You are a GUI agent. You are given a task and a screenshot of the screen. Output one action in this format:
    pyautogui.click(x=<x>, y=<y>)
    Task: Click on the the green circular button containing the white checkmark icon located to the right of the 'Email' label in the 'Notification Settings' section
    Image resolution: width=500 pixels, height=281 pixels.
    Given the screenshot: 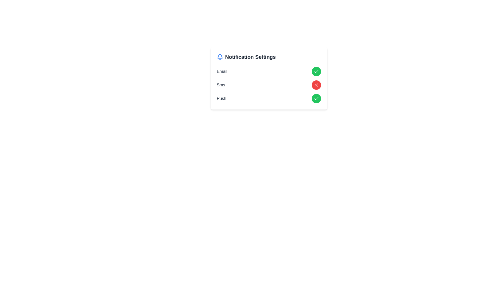 What is the action you would take?
    pyautogui.click(x=316, y=71)
    